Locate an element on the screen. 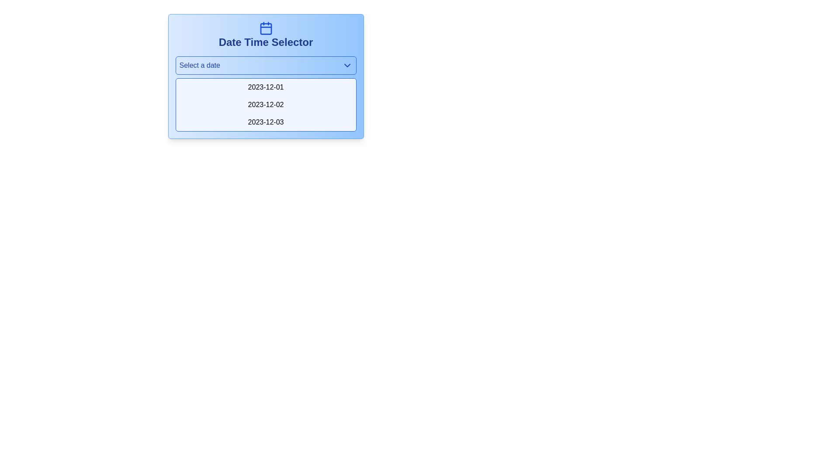 Image resolution: width=839 pixels, height=472 pixels. a date option in the vertically-oriented list box with a light blue background is located at coordinates (265, 94).